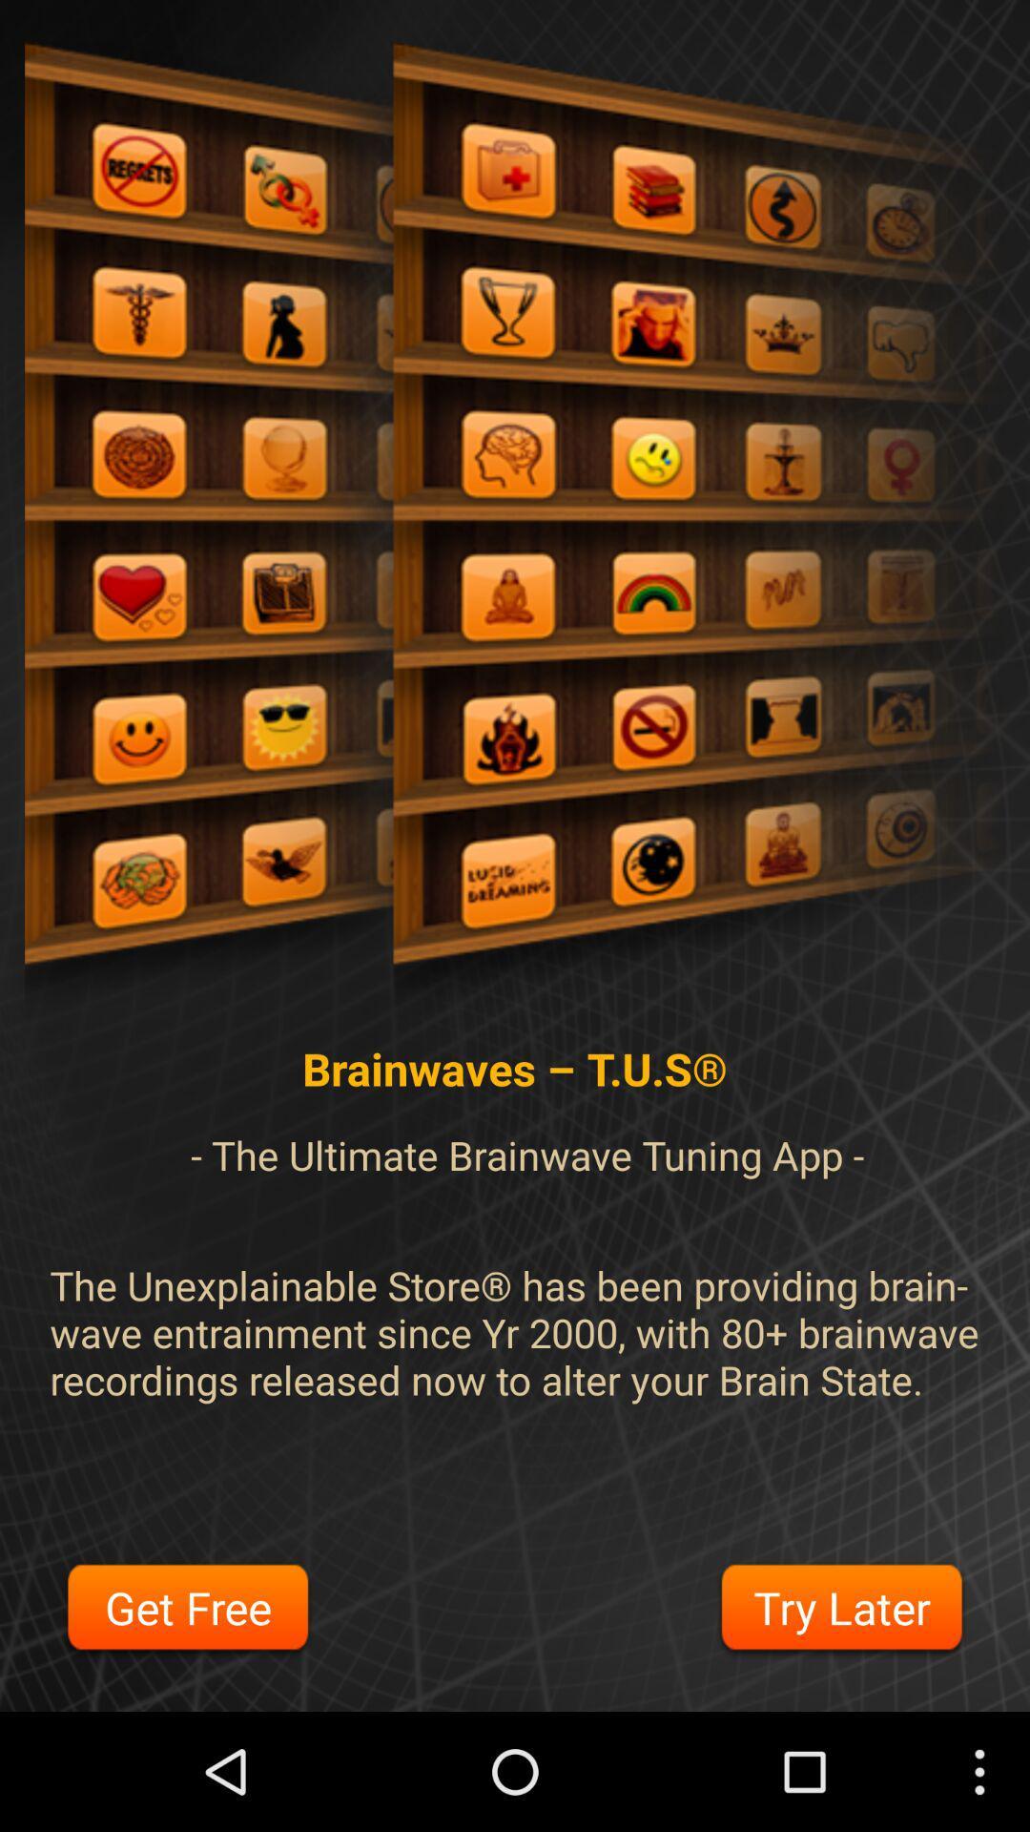 This screenshot has width=1030, height=1832. I want to click on button next to the get free button, so click(840, 1611).